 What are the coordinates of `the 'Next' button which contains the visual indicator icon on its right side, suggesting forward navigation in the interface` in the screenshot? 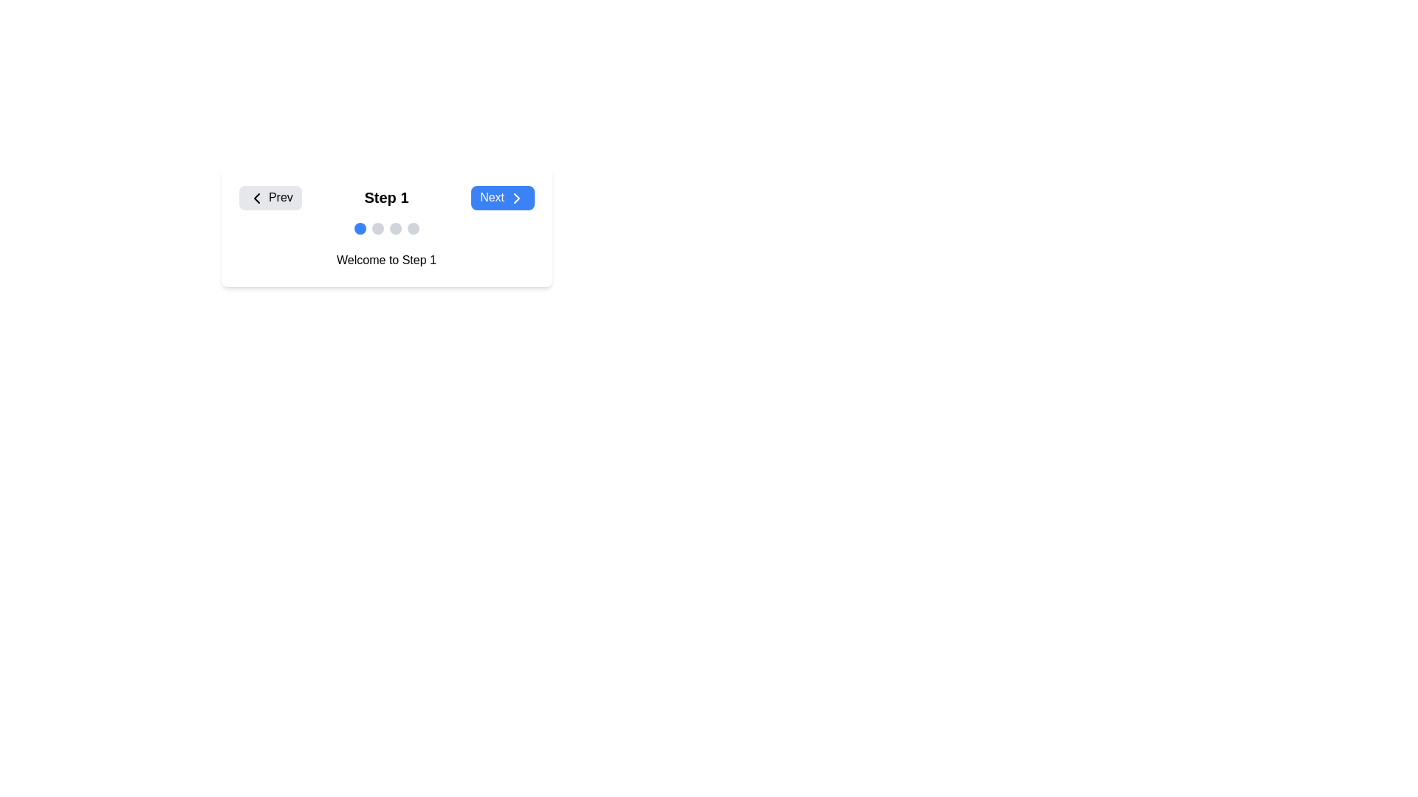 It's located at (516, 197).